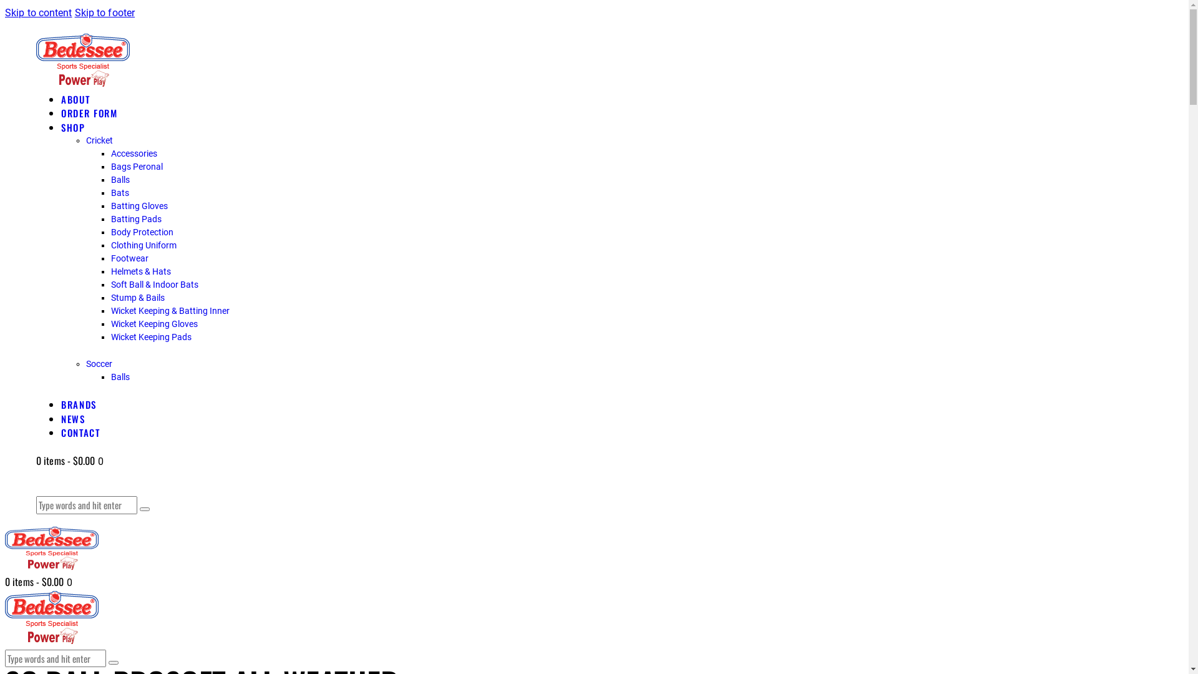  Describe the element at coordinates (60, 432) in the screenshot. I see `'CONTACT'` at that location.